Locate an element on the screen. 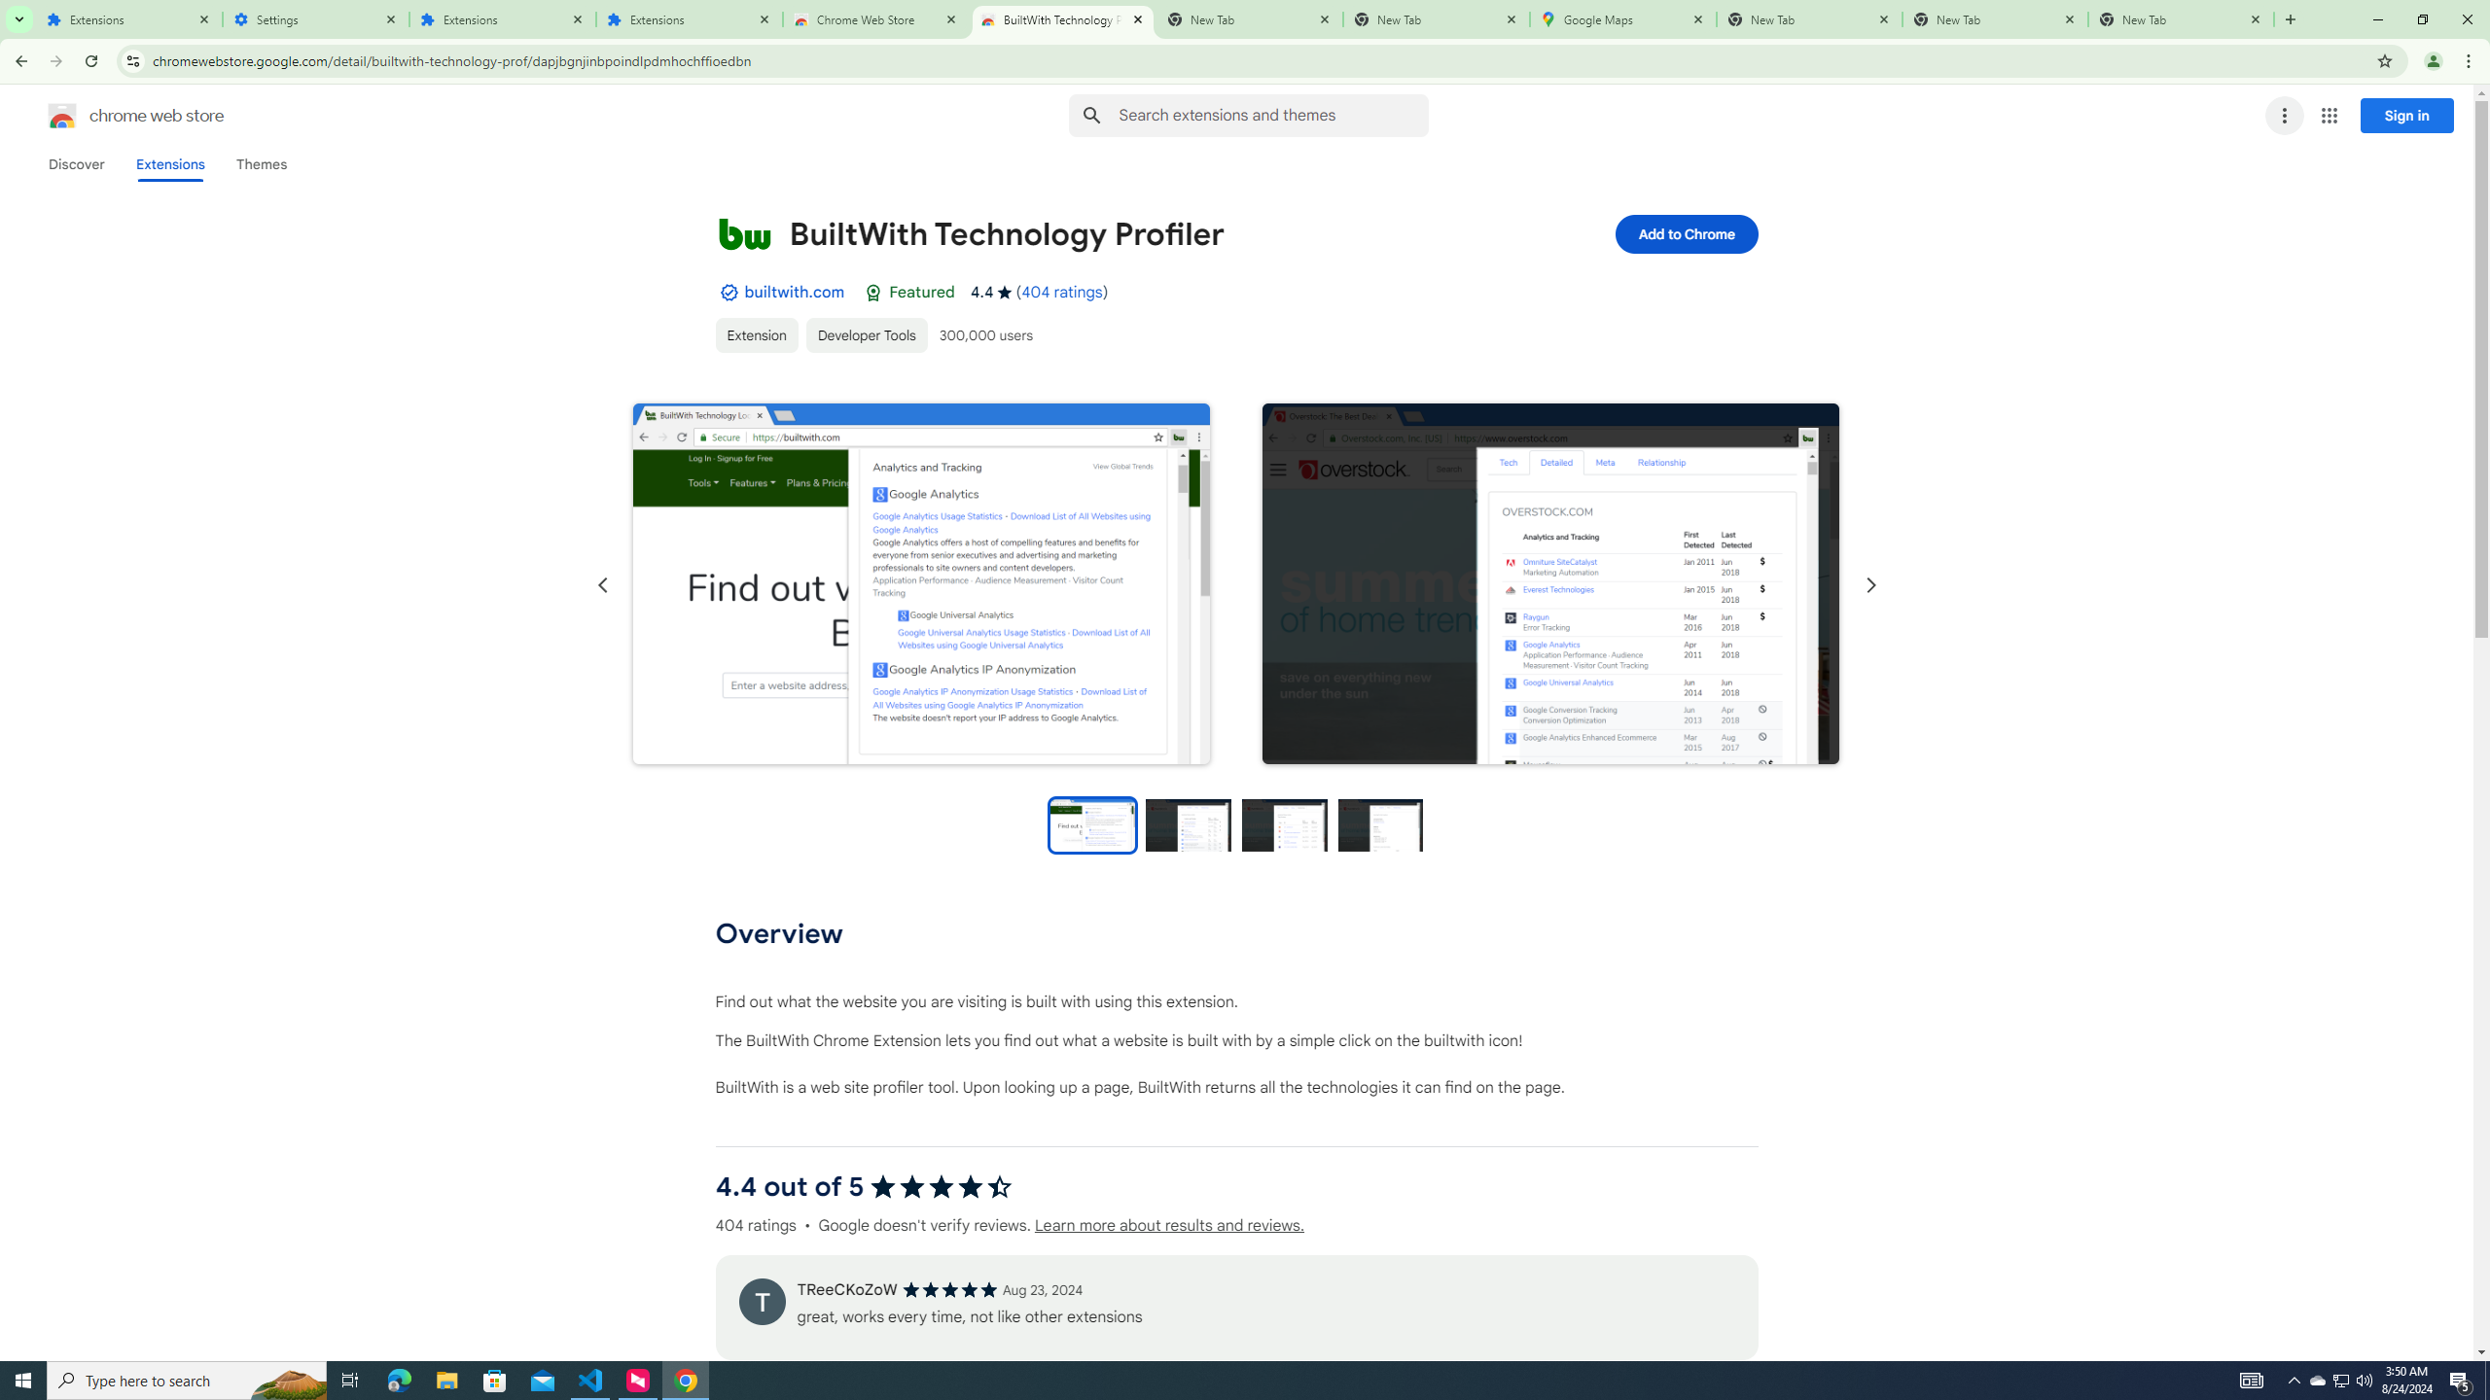  'BuiltWith Technology Profiler - Chrome Web Store' is located at coordinates (1062, 18).